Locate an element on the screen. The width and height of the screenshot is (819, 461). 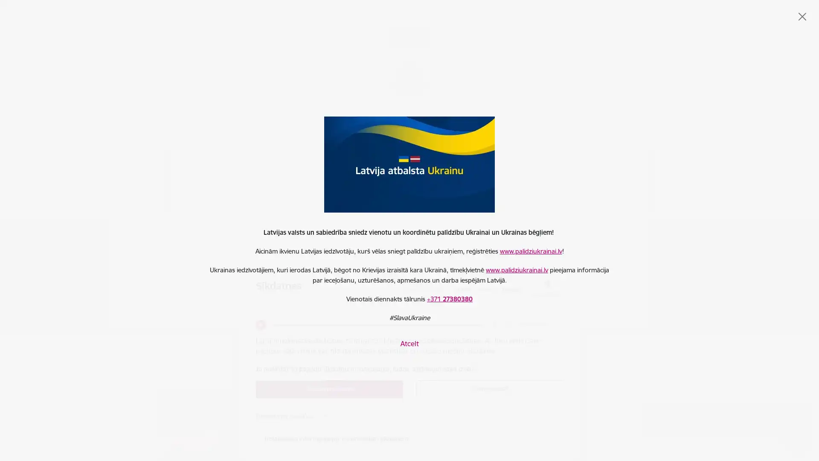
Open Volume Controls is located at coordinates (493, 324).